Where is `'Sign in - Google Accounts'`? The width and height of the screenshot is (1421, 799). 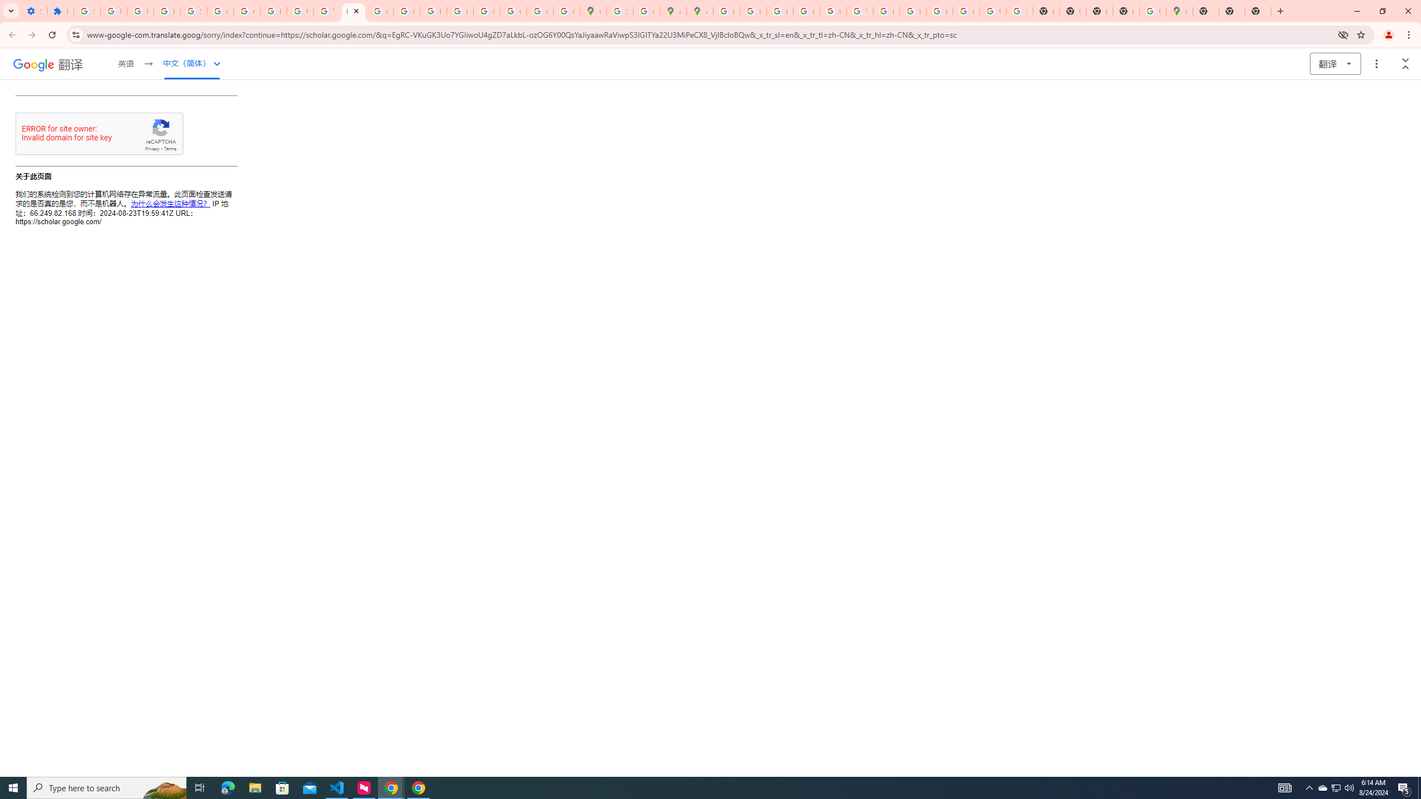 'Sign in - Google Accounts' is located at coordinates (193, 11).